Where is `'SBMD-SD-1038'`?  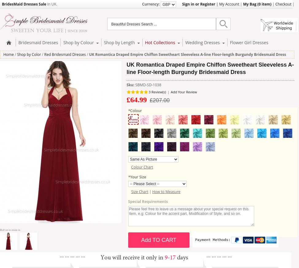 'SBMD-SD-1038' is located at coordinates (148, 84).